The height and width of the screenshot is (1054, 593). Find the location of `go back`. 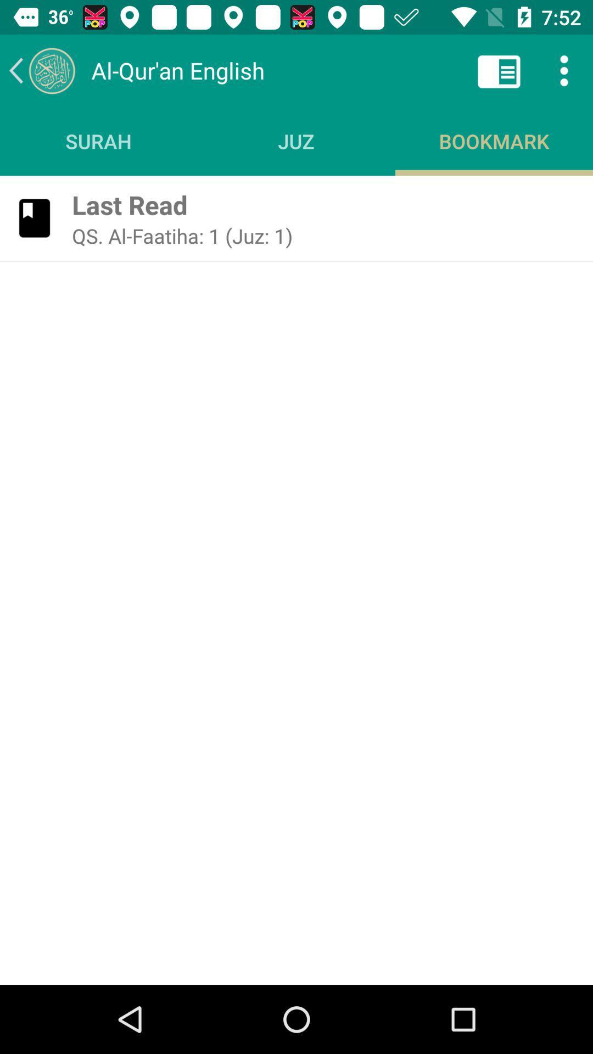

go back is located at coordinates (41, 70).